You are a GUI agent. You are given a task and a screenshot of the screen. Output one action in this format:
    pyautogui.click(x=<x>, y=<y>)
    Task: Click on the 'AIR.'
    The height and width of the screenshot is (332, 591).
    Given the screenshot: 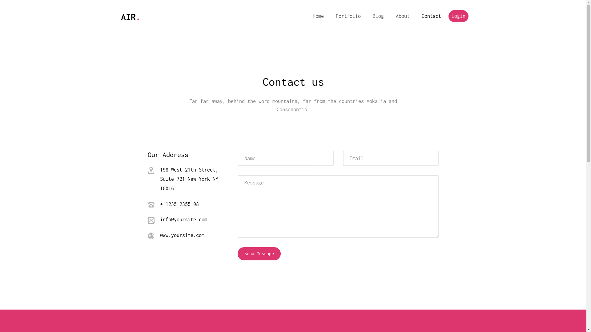 What is the action you would take?
    pyautogui.click(x=130, y=16)
    